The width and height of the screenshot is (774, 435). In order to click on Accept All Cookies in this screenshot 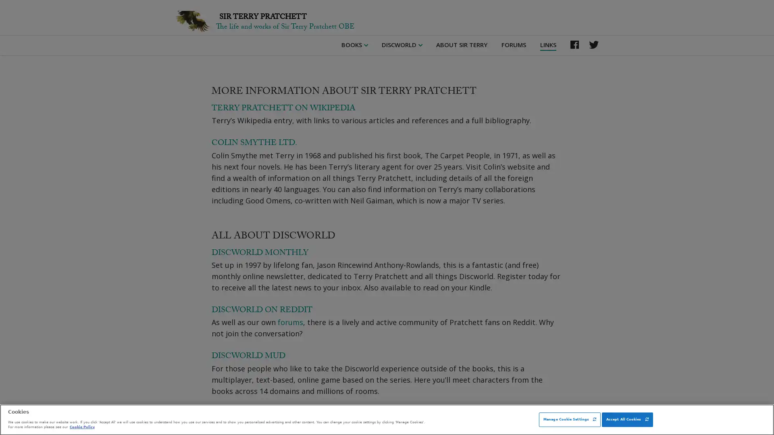, I will do `click(626, 419)`.